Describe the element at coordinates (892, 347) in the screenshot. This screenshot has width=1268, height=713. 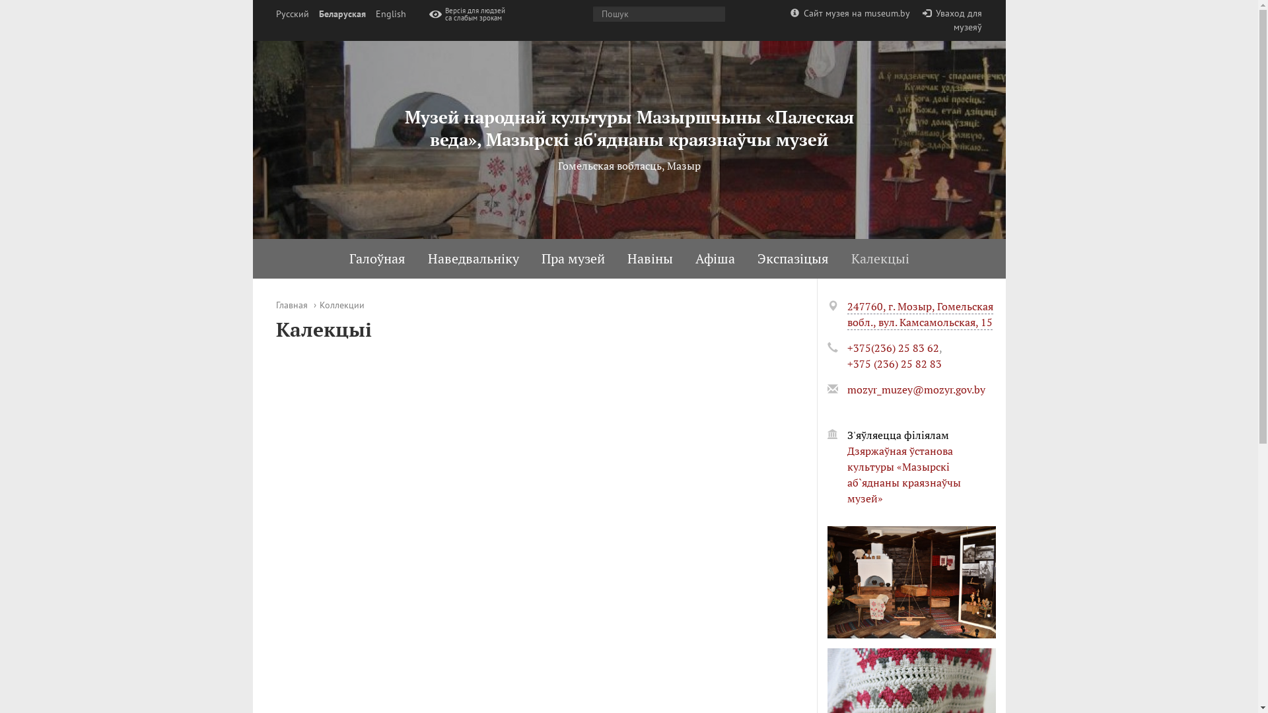
I see `'+375(236) 25 83 62'` at that location.